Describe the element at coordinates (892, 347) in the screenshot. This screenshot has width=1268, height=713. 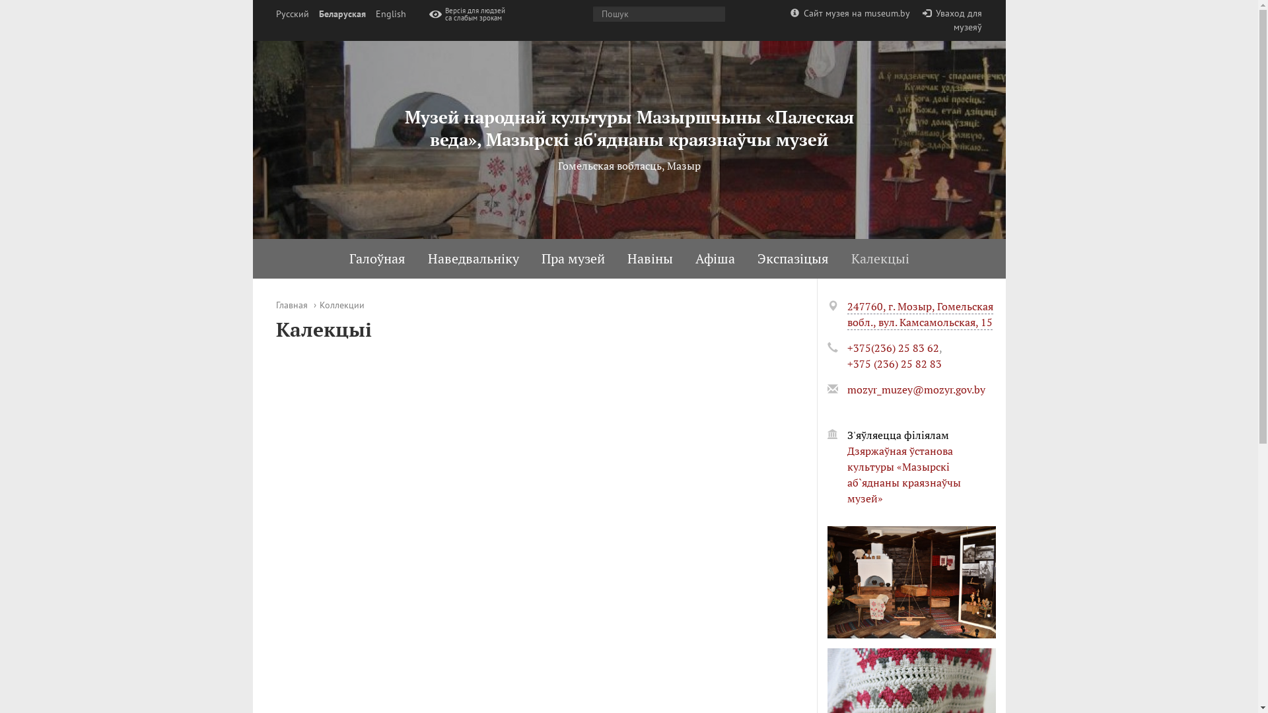
I see `'+375(236) 25 83 62'` at that location.